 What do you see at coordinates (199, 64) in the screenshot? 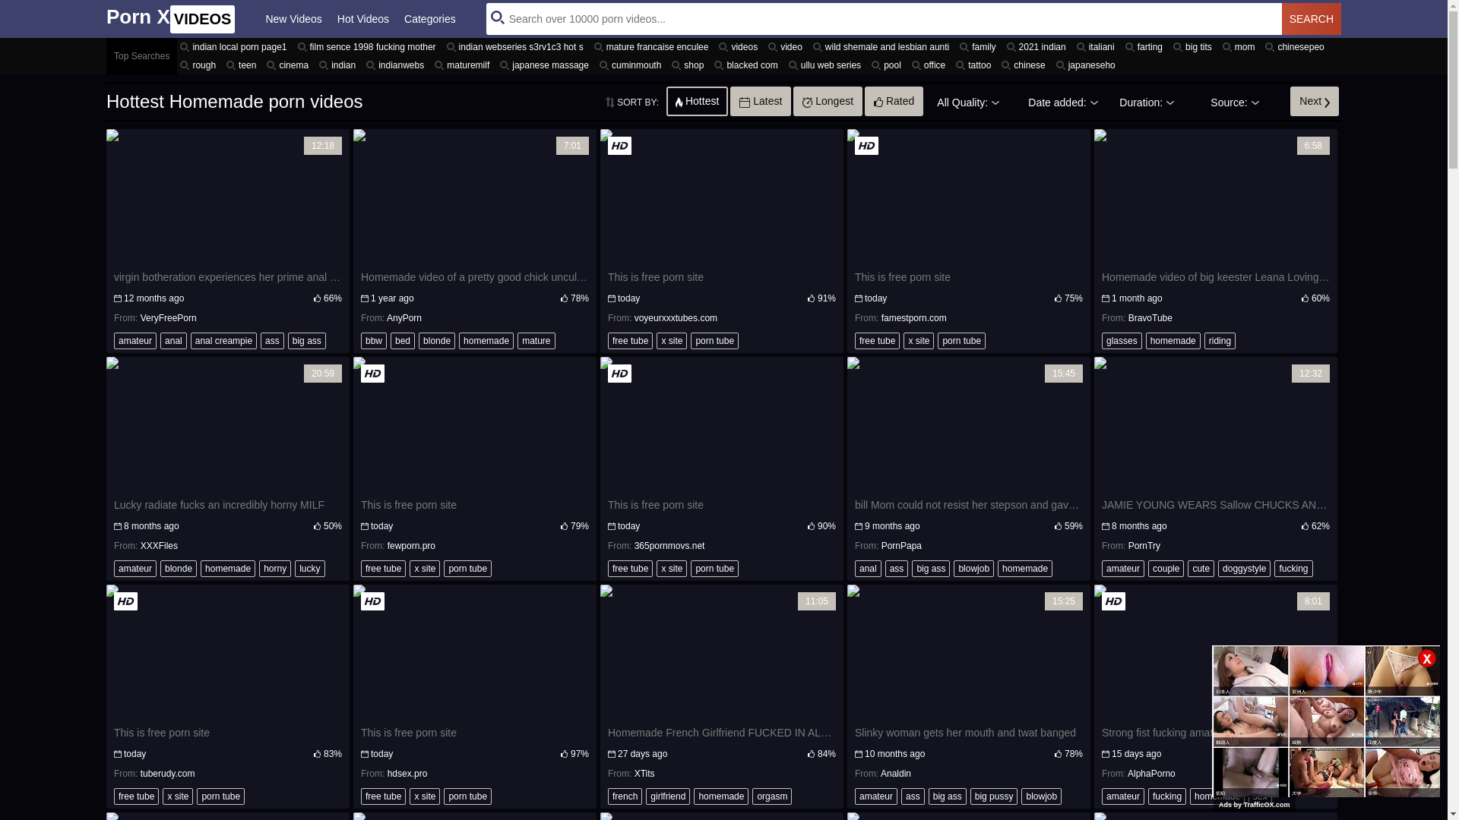
I see `'rough'` at bounding box center [199, 64].